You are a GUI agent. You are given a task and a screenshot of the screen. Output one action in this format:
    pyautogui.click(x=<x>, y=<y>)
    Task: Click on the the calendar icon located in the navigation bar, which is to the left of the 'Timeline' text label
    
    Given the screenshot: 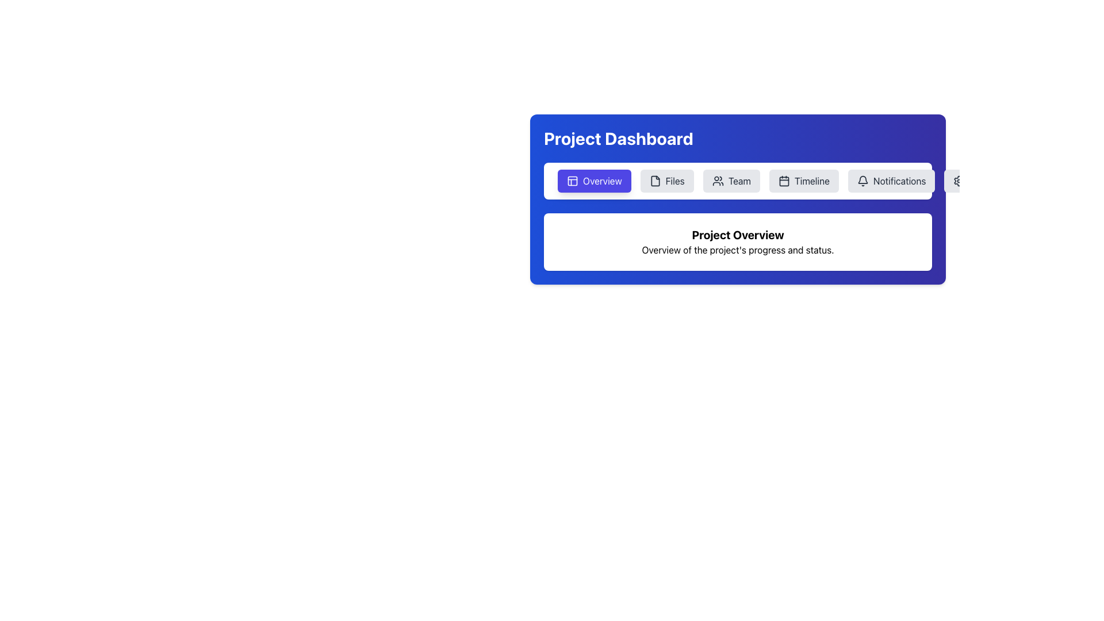 What is the action you would take?
    pyautogui.click(x=783, y=181)
    